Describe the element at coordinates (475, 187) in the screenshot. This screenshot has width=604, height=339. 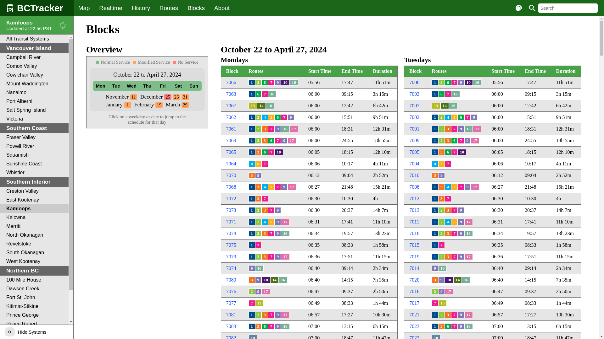
I see `'17'` at that location.